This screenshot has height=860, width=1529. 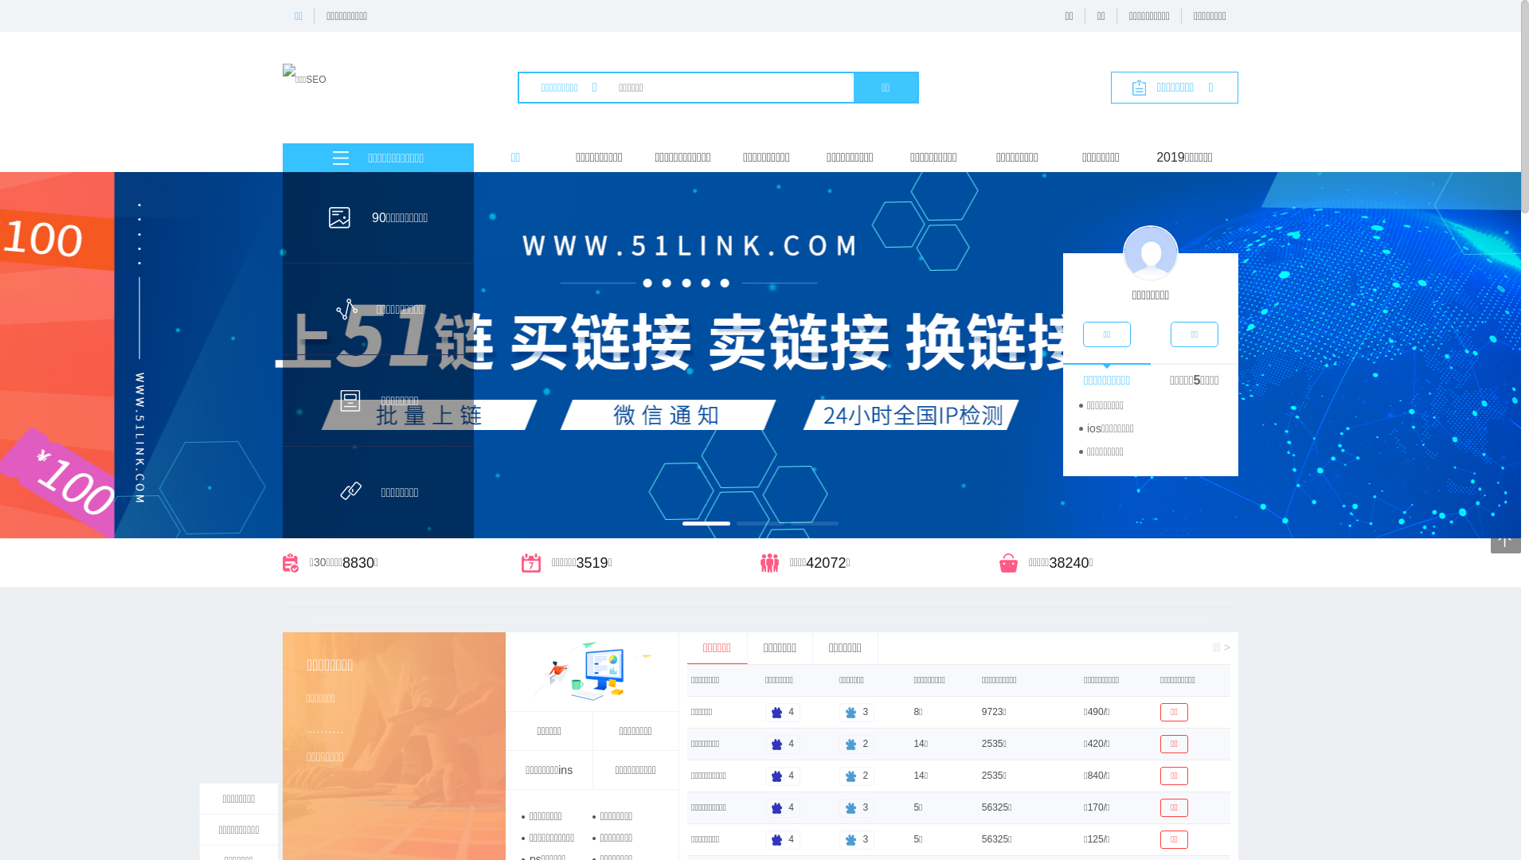 I want to click on '3', so click(x=839, y=807).